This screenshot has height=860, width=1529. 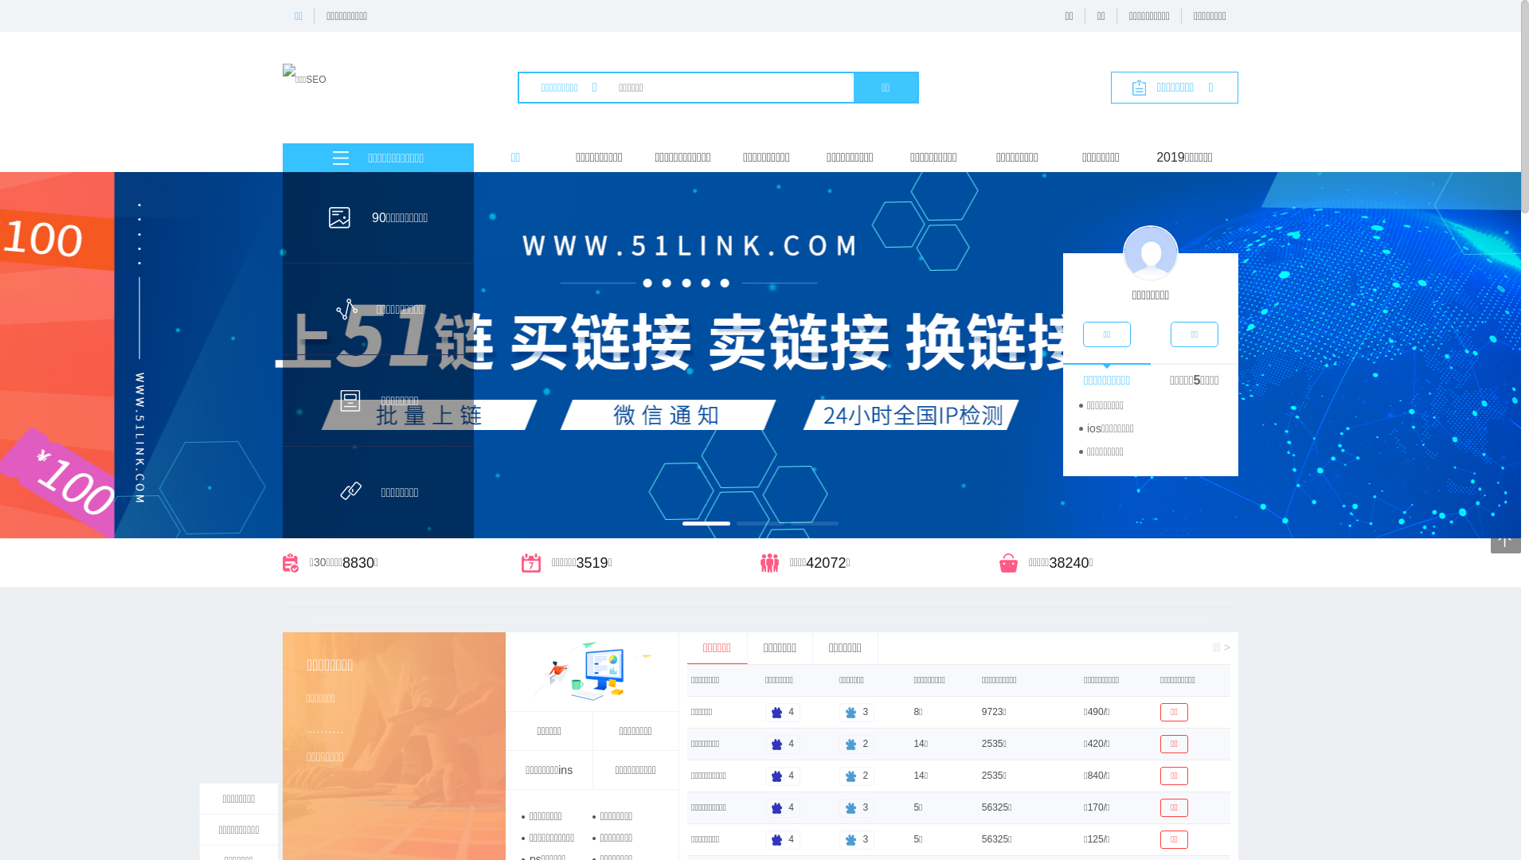 I want to click on '3', so click(x=839, y=807).